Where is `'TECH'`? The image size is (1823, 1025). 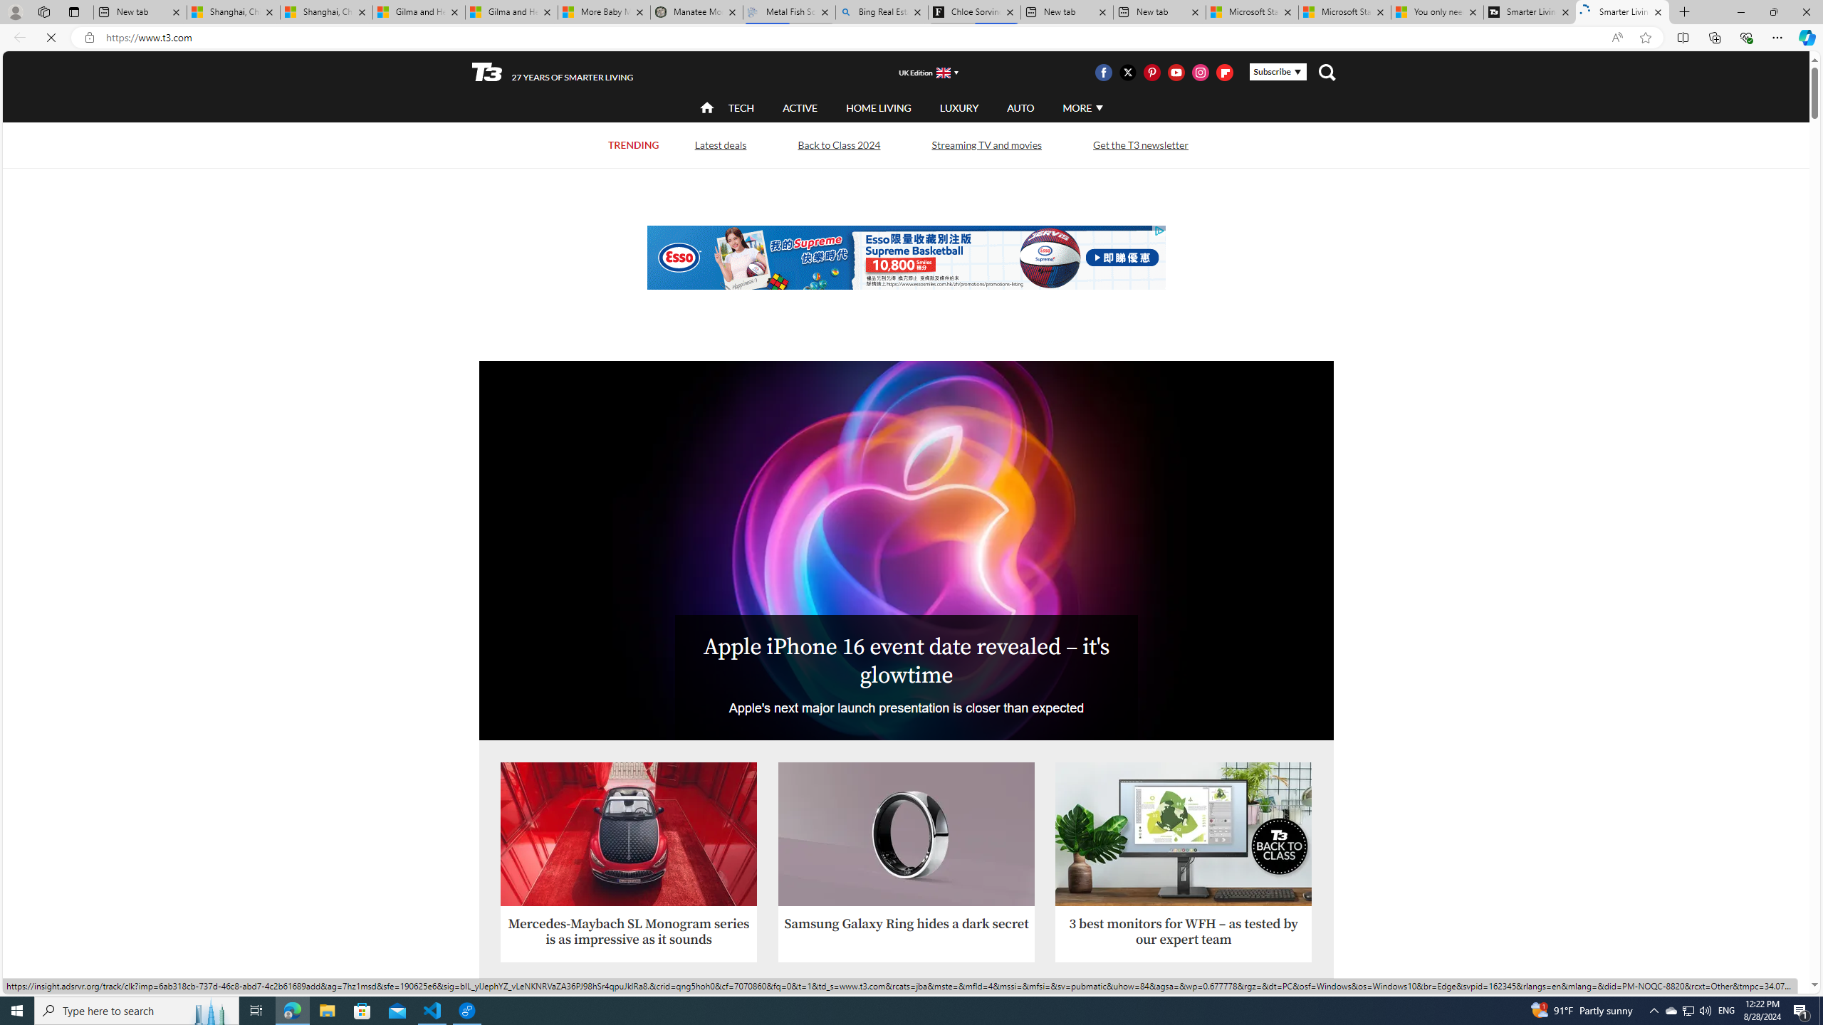
'TECH' is located at coordinates (740, 107).